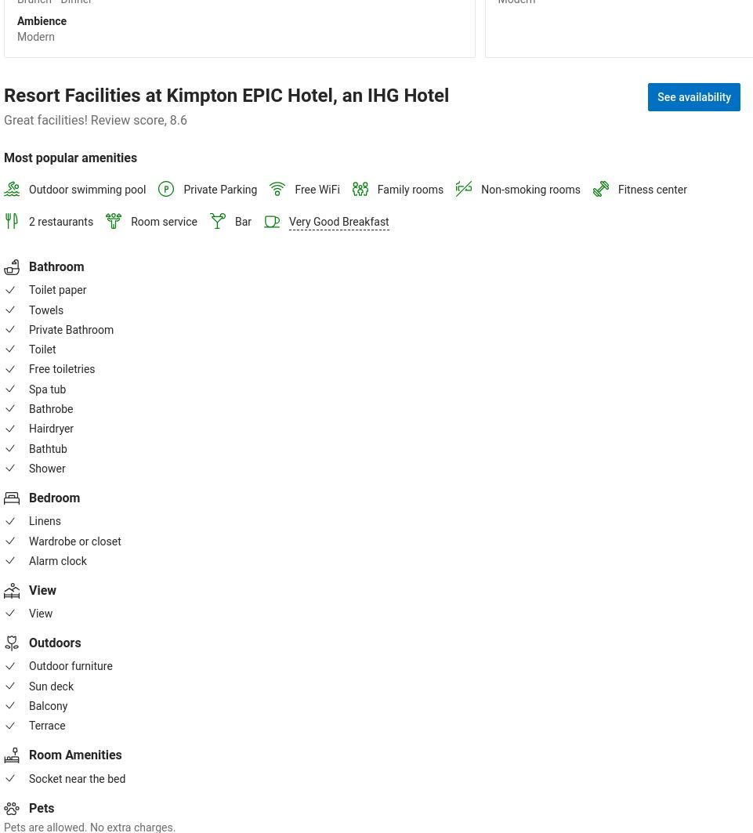 The height and width of the screenshot is (833, 753). What do you see at coordinates (45, 520) in the screenshot?
I see `'Linens'` at bounding box center [45, 520].